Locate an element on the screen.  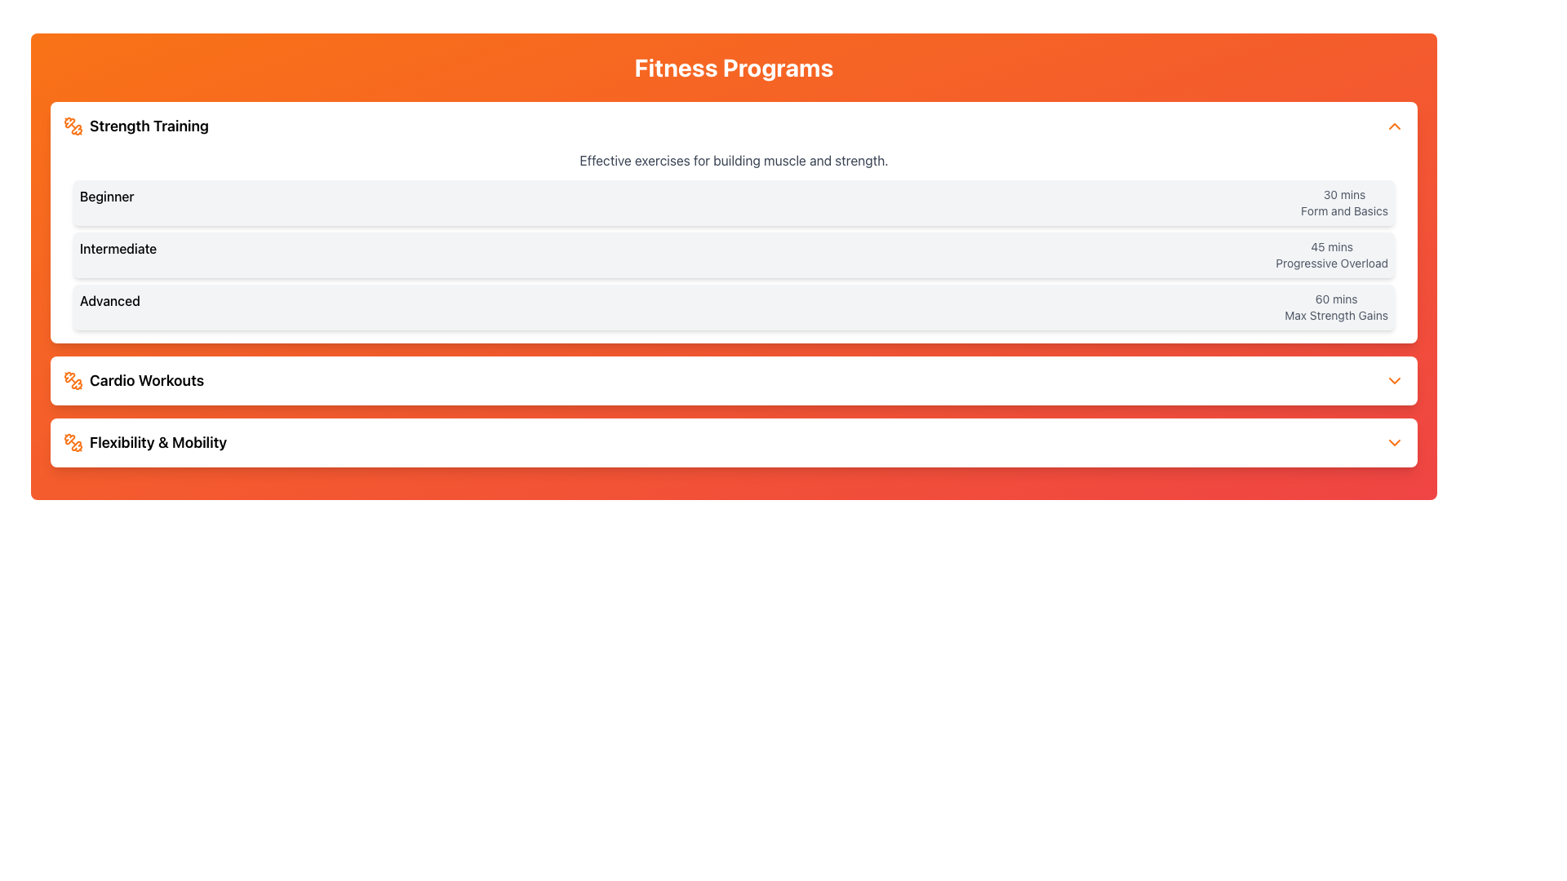
'Beginner' difficulty level label located at the top-left corner of the exercise program section is located at coordinates (106, 202).